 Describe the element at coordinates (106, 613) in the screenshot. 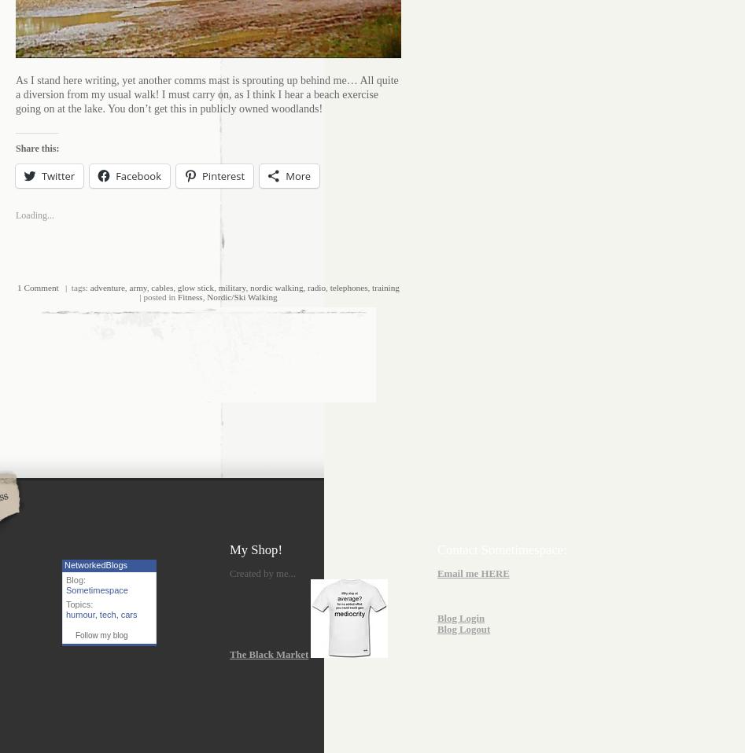

I see `'tech'` at that location.